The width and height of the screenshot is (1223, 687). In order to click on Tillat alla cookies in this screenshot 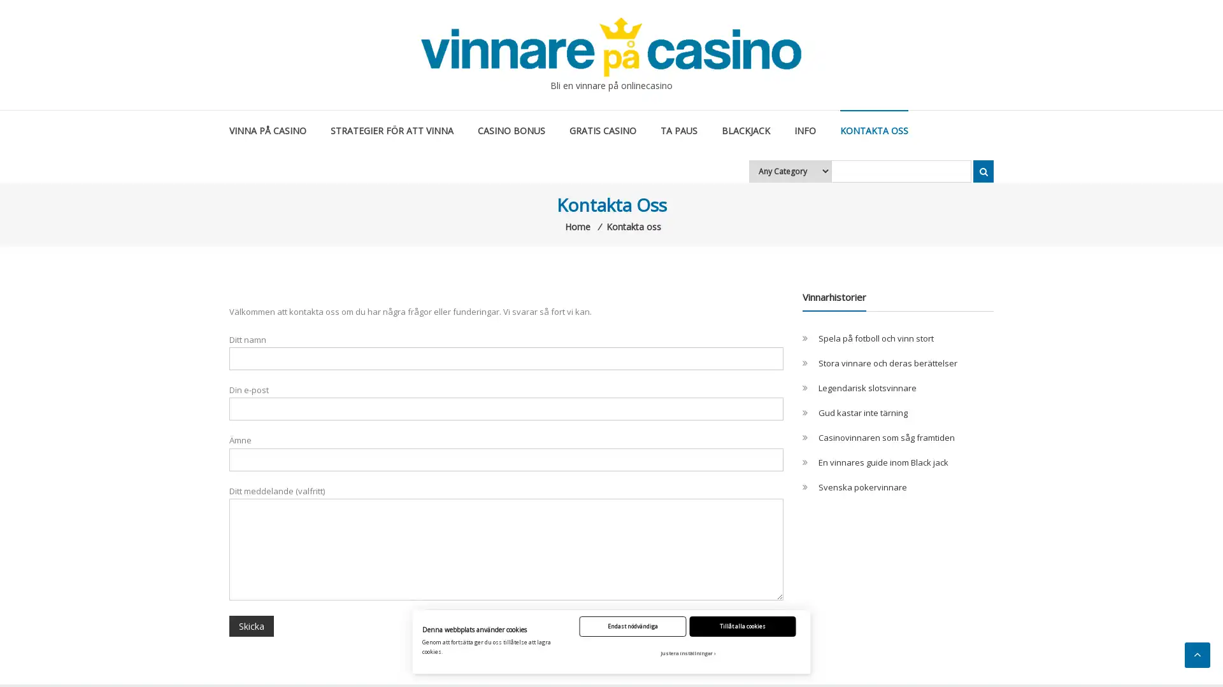, I will do `click(742, 625)`.